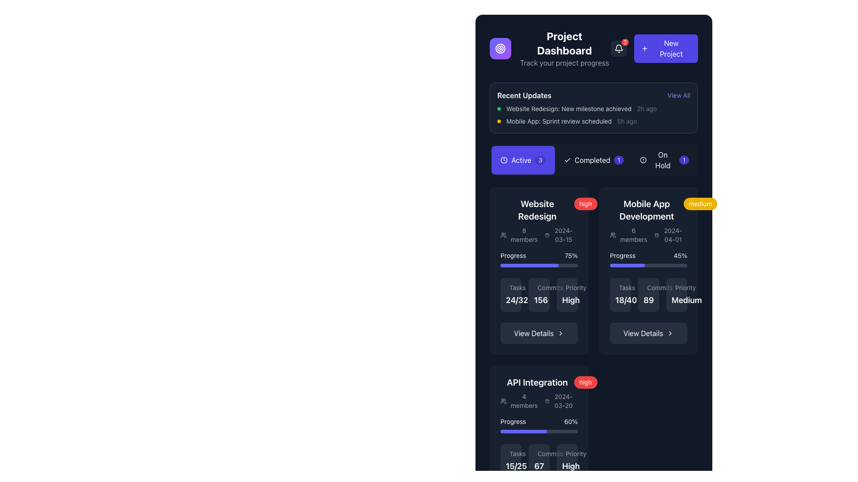  What do you see at coordinates (647, 108) in the screenshot?
I see `the static text label displaying '2h ago' in light gray color, located in the 'Recent Updates' section of the dashboard interface` at bounding box center [647, 108].